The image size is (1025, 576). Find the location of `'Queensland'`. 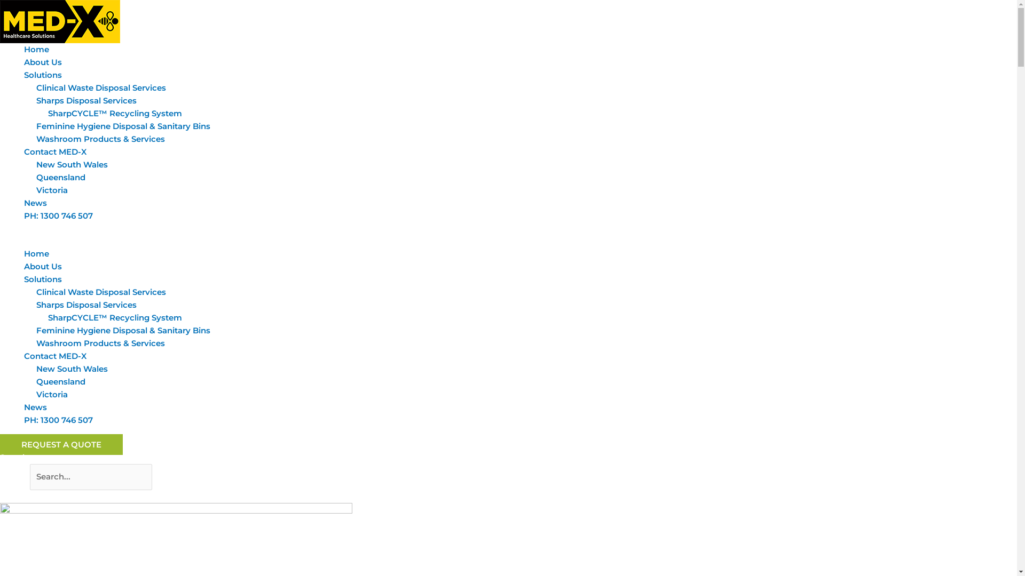

'Queensland' is located at coordinates (36, 381).